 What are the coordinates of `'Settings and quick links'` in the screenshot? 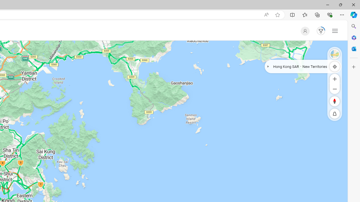 It's located at (335, 31).